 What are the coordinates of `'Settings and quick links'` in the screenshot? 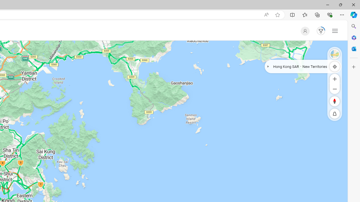 It's located at (335, 31).